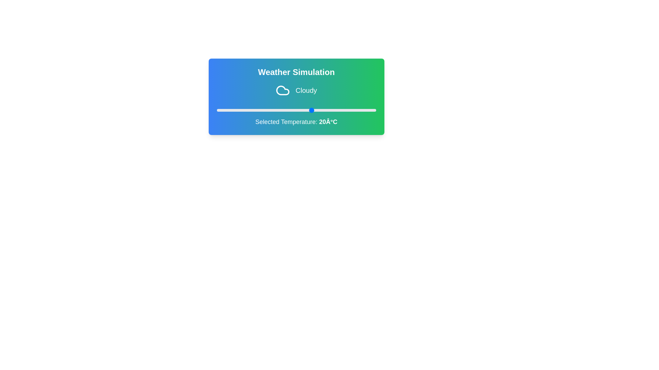  I want to click on the temperature, so click(274, 110).